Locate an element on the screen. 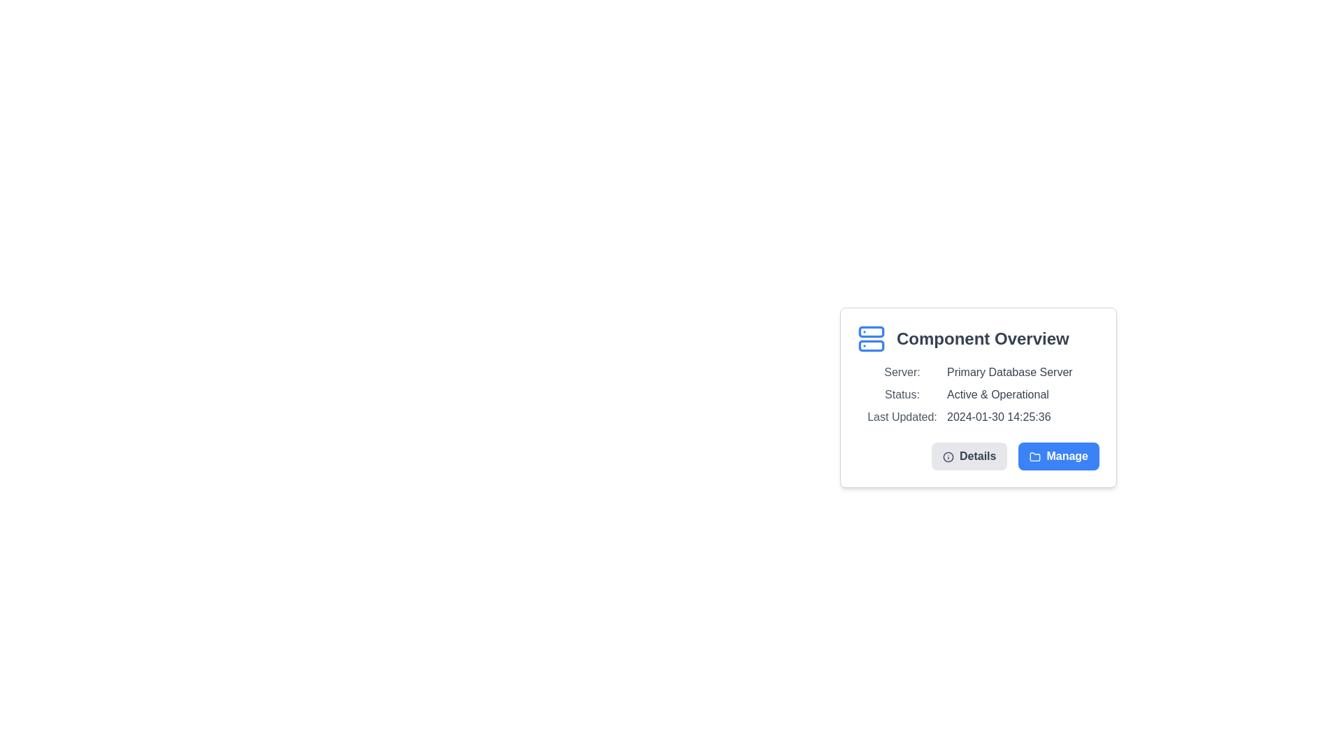 The height and width of the screenshot is (755, 1342). the text element 'Primary Database Server' located to the right of the label 'Server:' in the 'Component Overview' card is located at coordinates (1009, 371).